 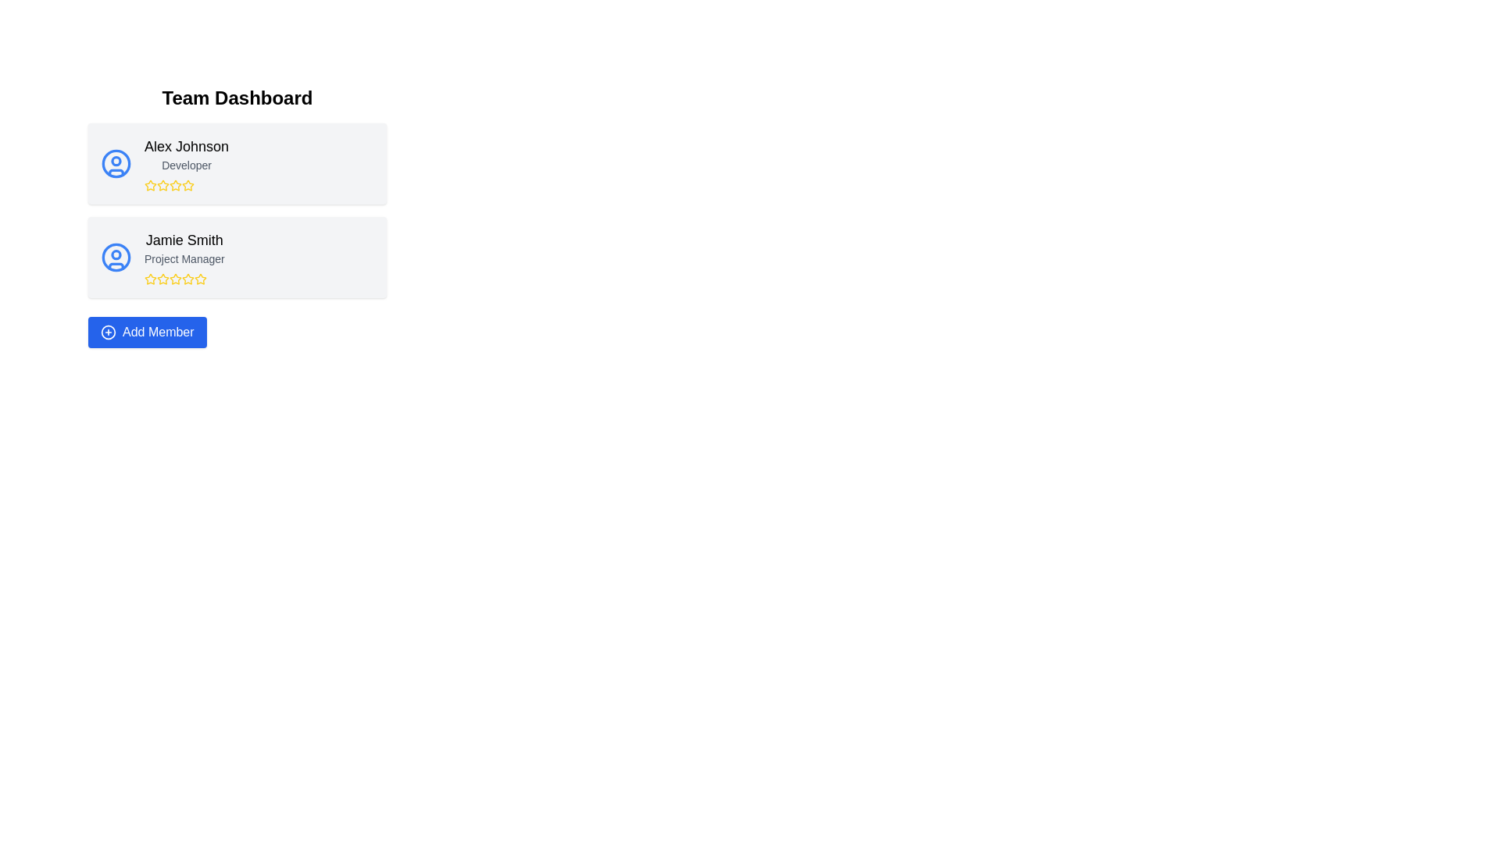 What do you see at coordinates (150, 279) in the screenshot?
I see `the first rating star icon for 'Jamie Smith' located beneath 'Project Manager'` at bounding box center [150, 279].